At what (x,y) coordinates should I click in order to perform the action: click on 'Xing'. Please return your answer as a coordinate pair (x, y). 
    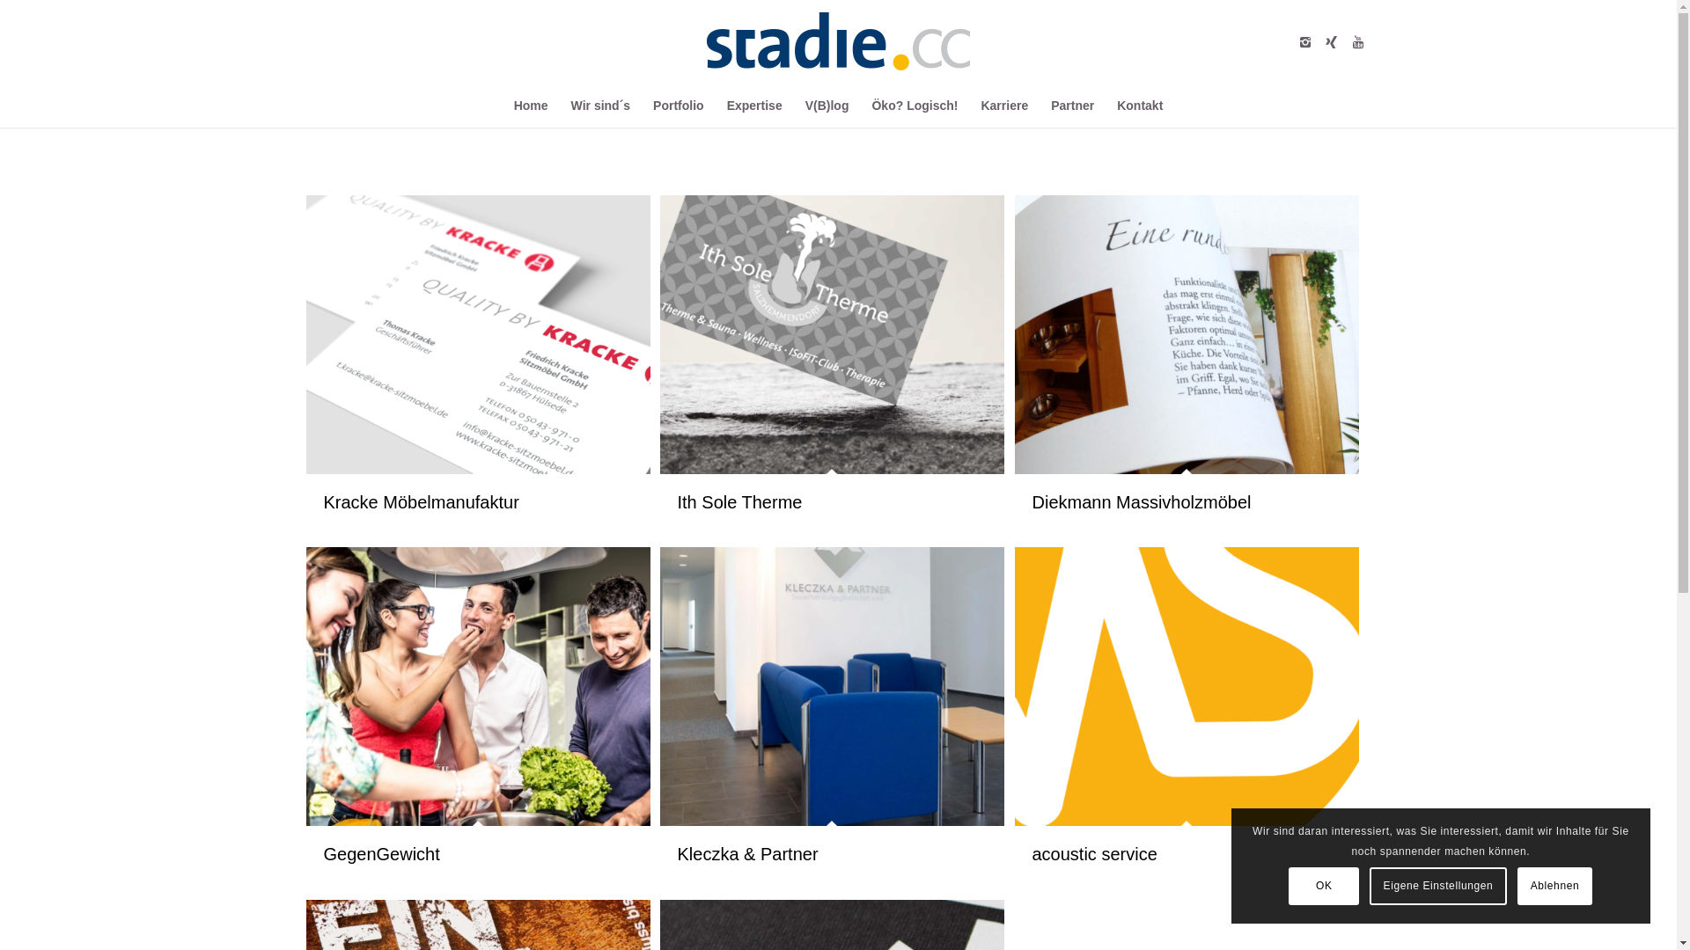
    Looking at the image, I should click on (1331, 40).